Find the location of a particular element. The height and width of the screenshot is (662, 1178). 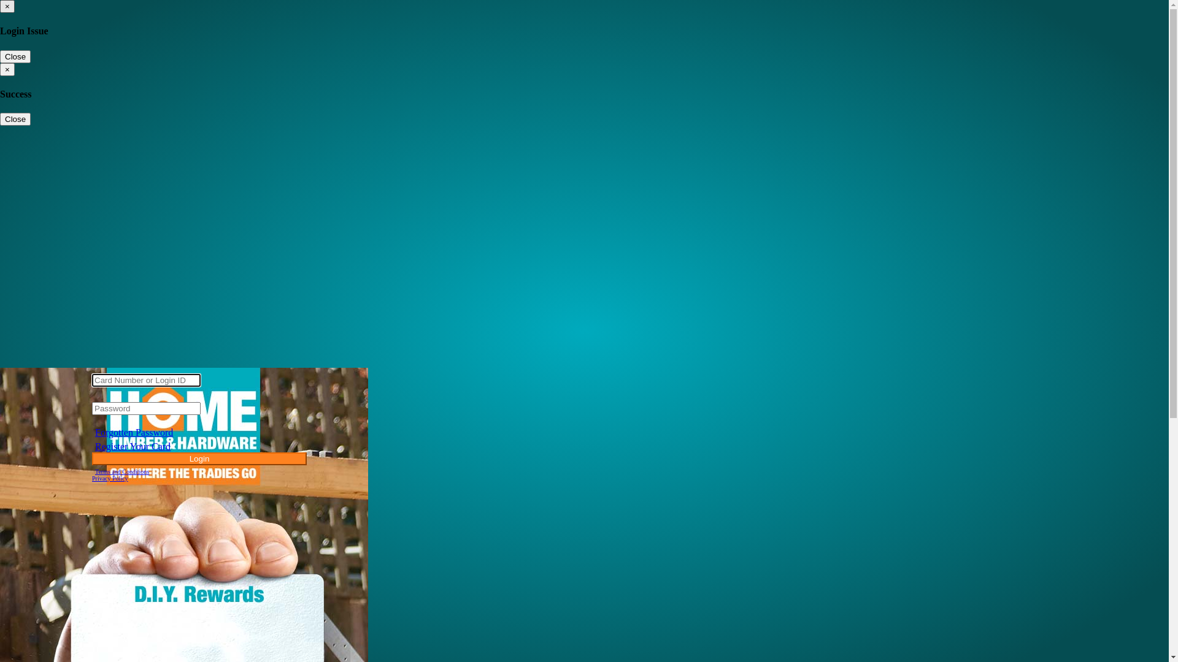

'Privacy Policy' is located at coordinates (110, 477).